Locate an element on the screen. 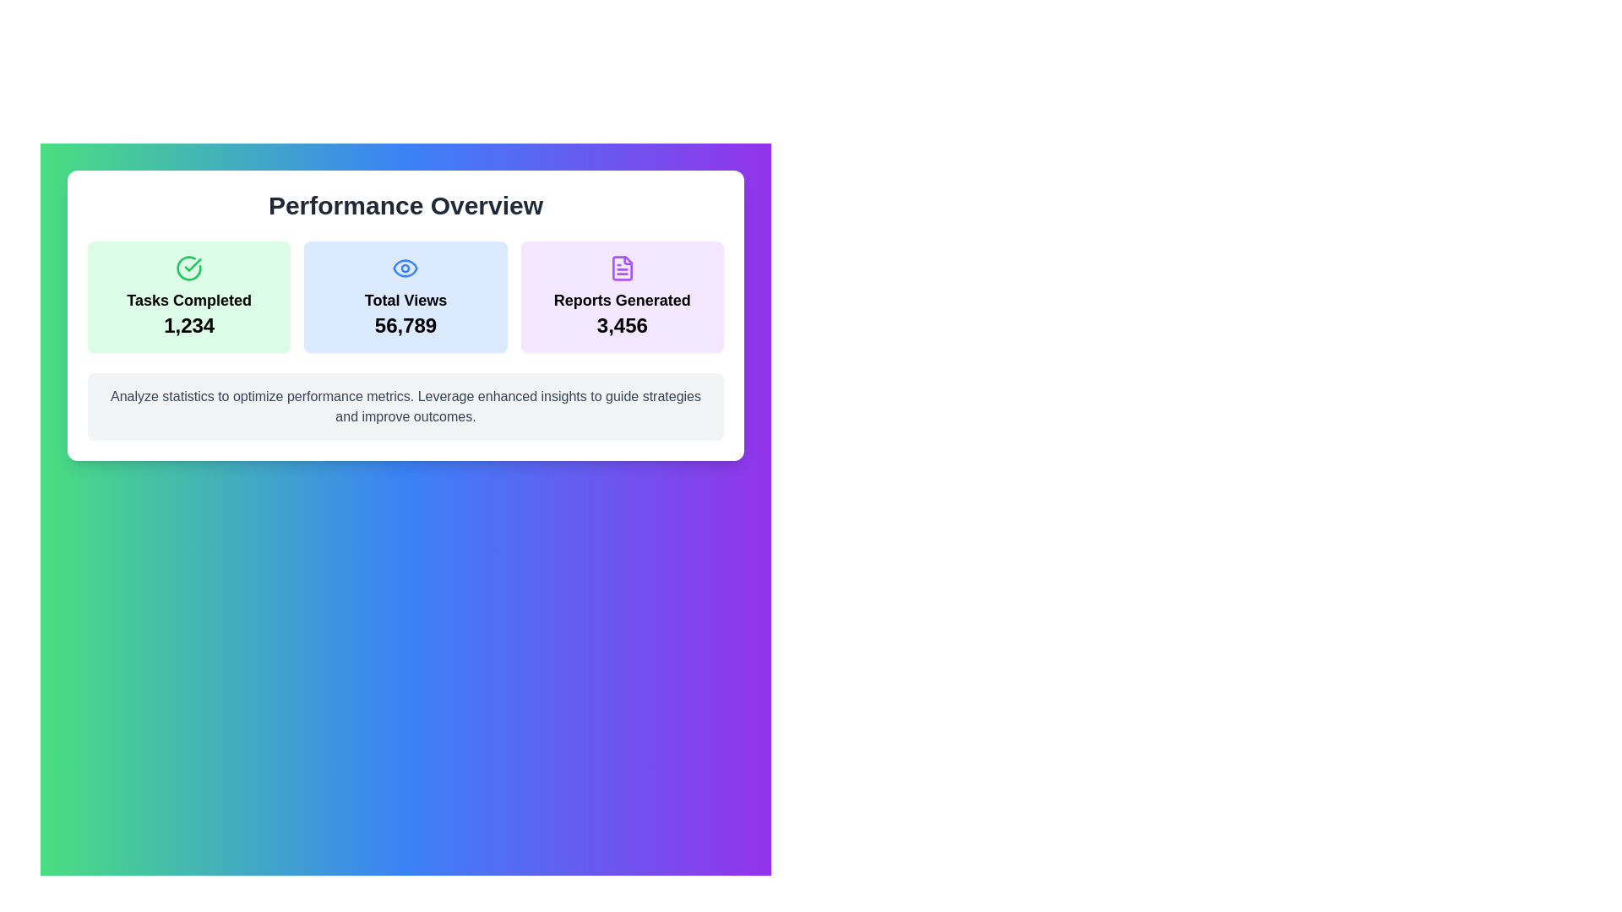 The height and width of the screenshot is (912, 1622). the success indicator icon located in the 'Tasks Completed' card within the 'Performance Overview' section is located at coordinates (193, 264).